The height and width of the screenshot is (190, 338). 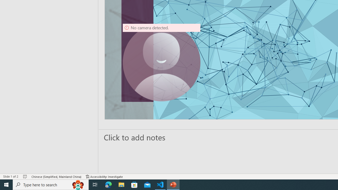 I want to click on 'Accessibility Checker Accessibility: Investigate', so click(x=104, y=177).